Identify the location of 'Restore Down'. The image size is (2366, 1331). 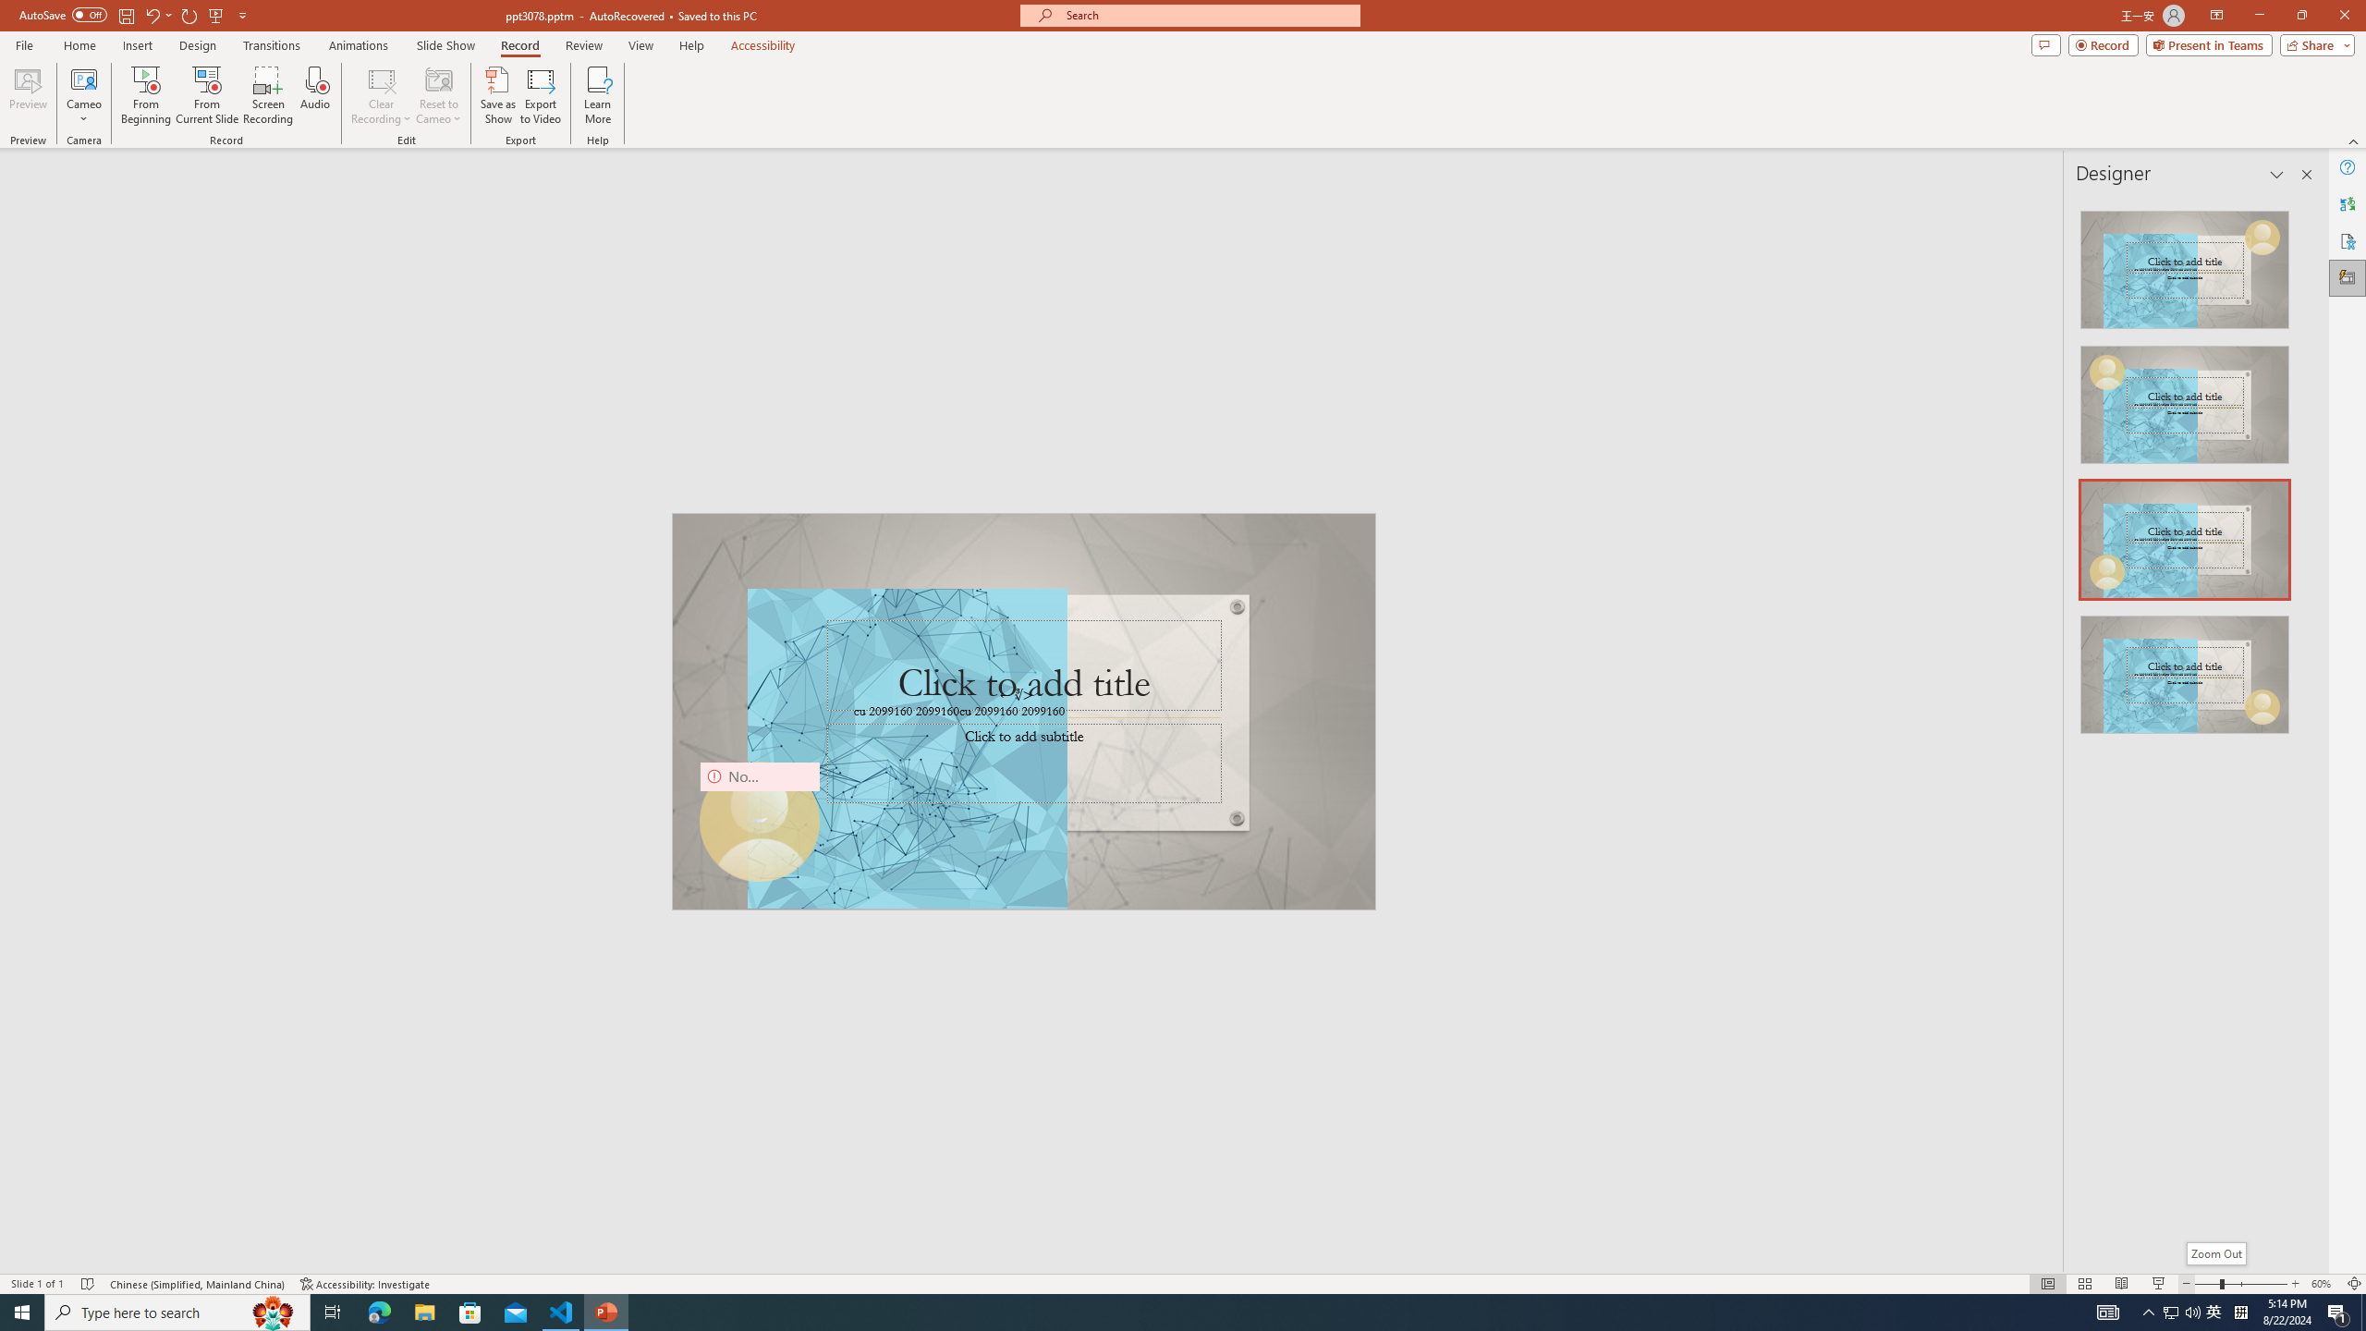
(2301, 15).